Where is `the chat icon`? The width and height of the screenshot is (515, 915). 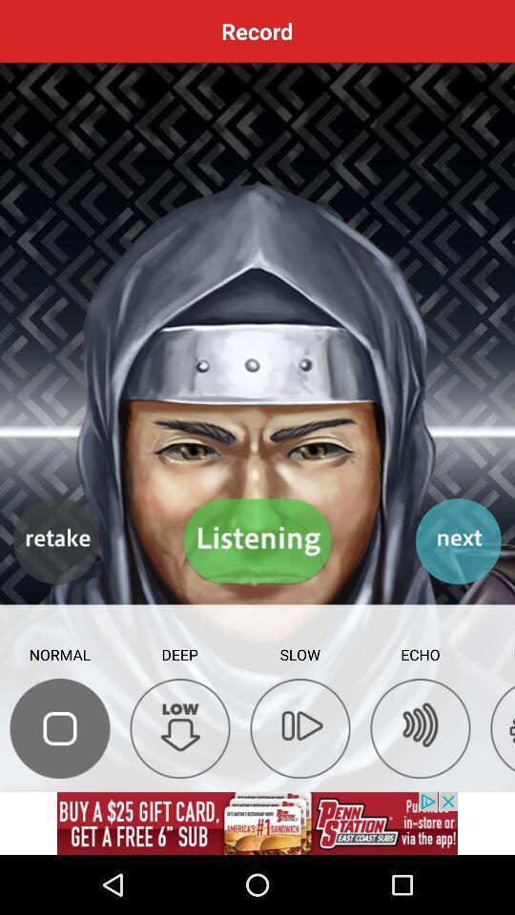 the chat icon is located at coordinates (60, 780).